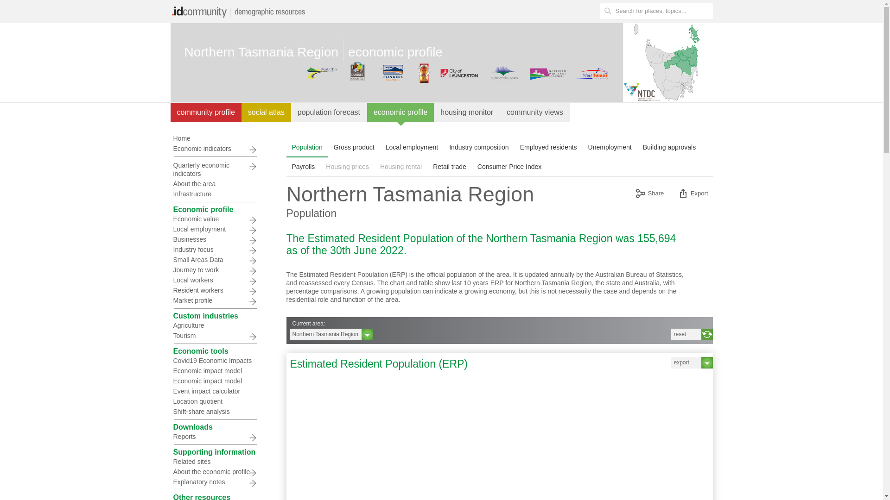  I want to click on 'Building approvals', so click(669, 146).